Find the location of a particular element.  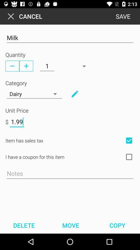

lower quantity of product is located at coordinates (12, 66).